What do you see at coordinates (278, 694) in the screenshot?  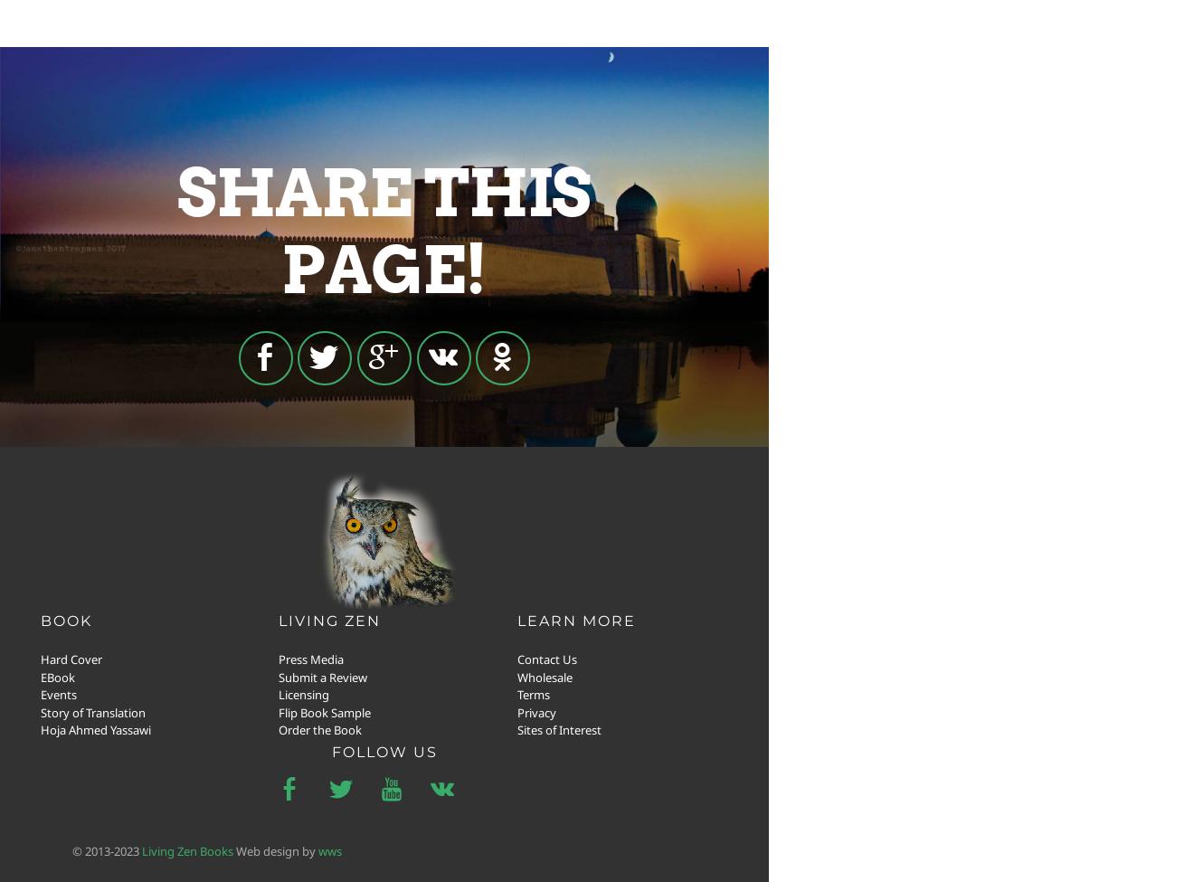 I see `'Licensing'` at bounding box center [278, 694].